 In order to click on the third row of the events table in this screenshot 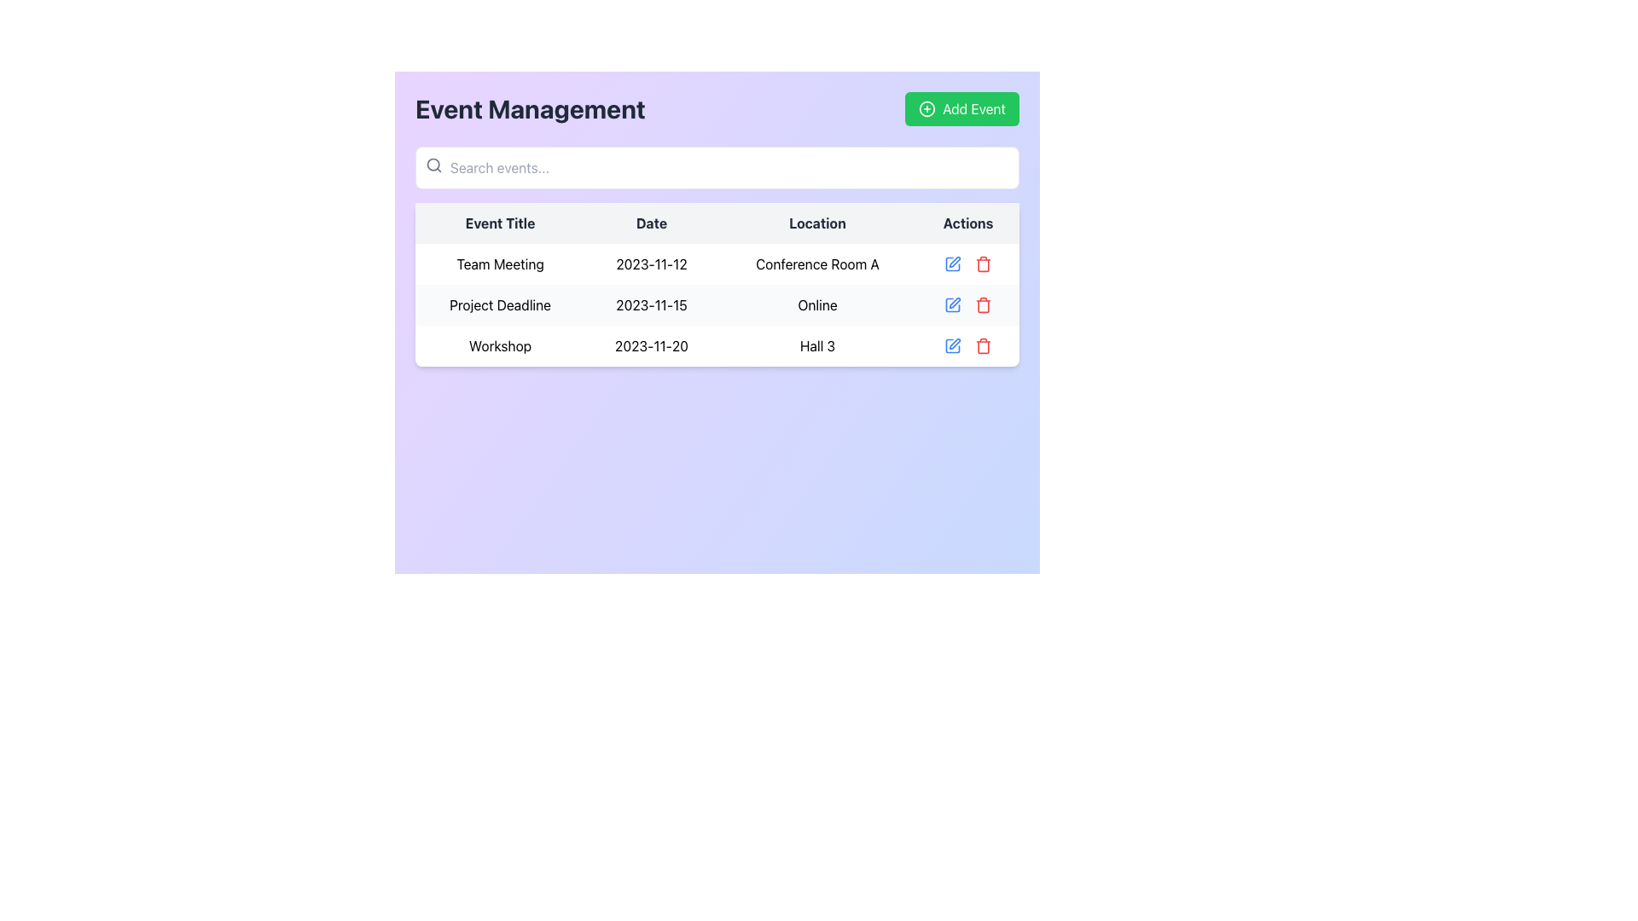, I will do `click(717, 345)`.